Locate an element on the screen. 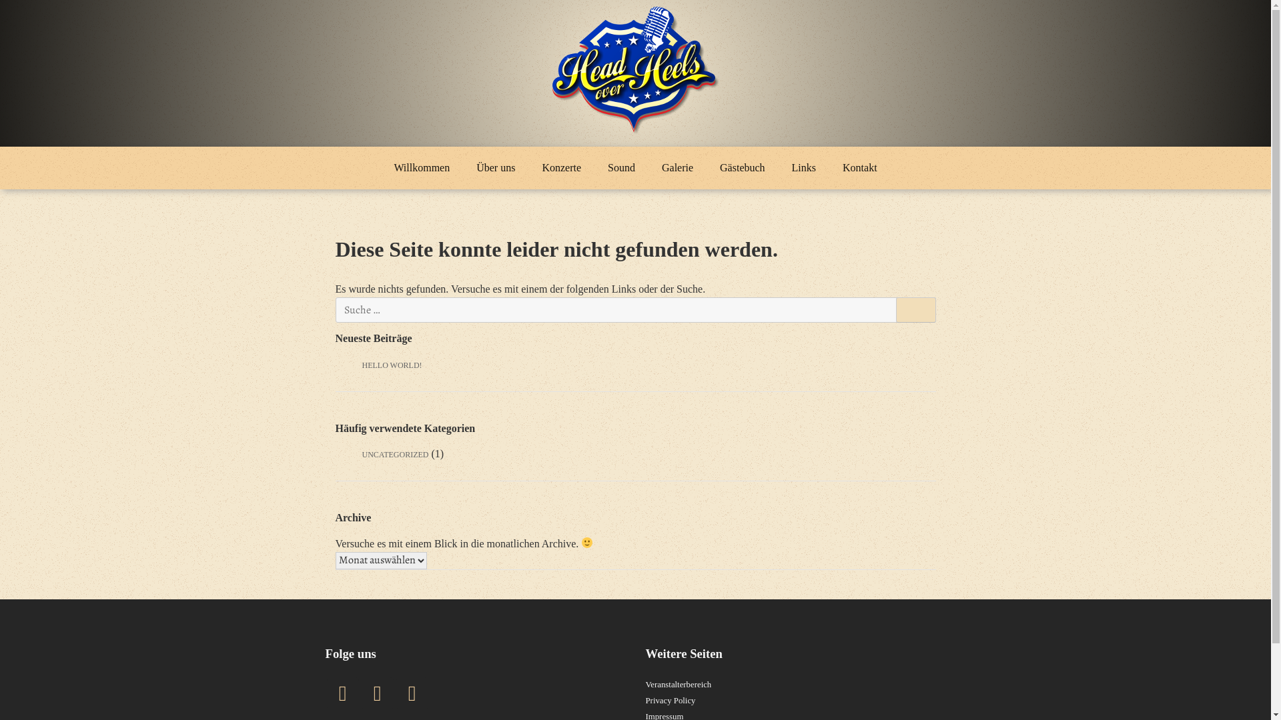  'Links' is located at coordinates (803, 167).